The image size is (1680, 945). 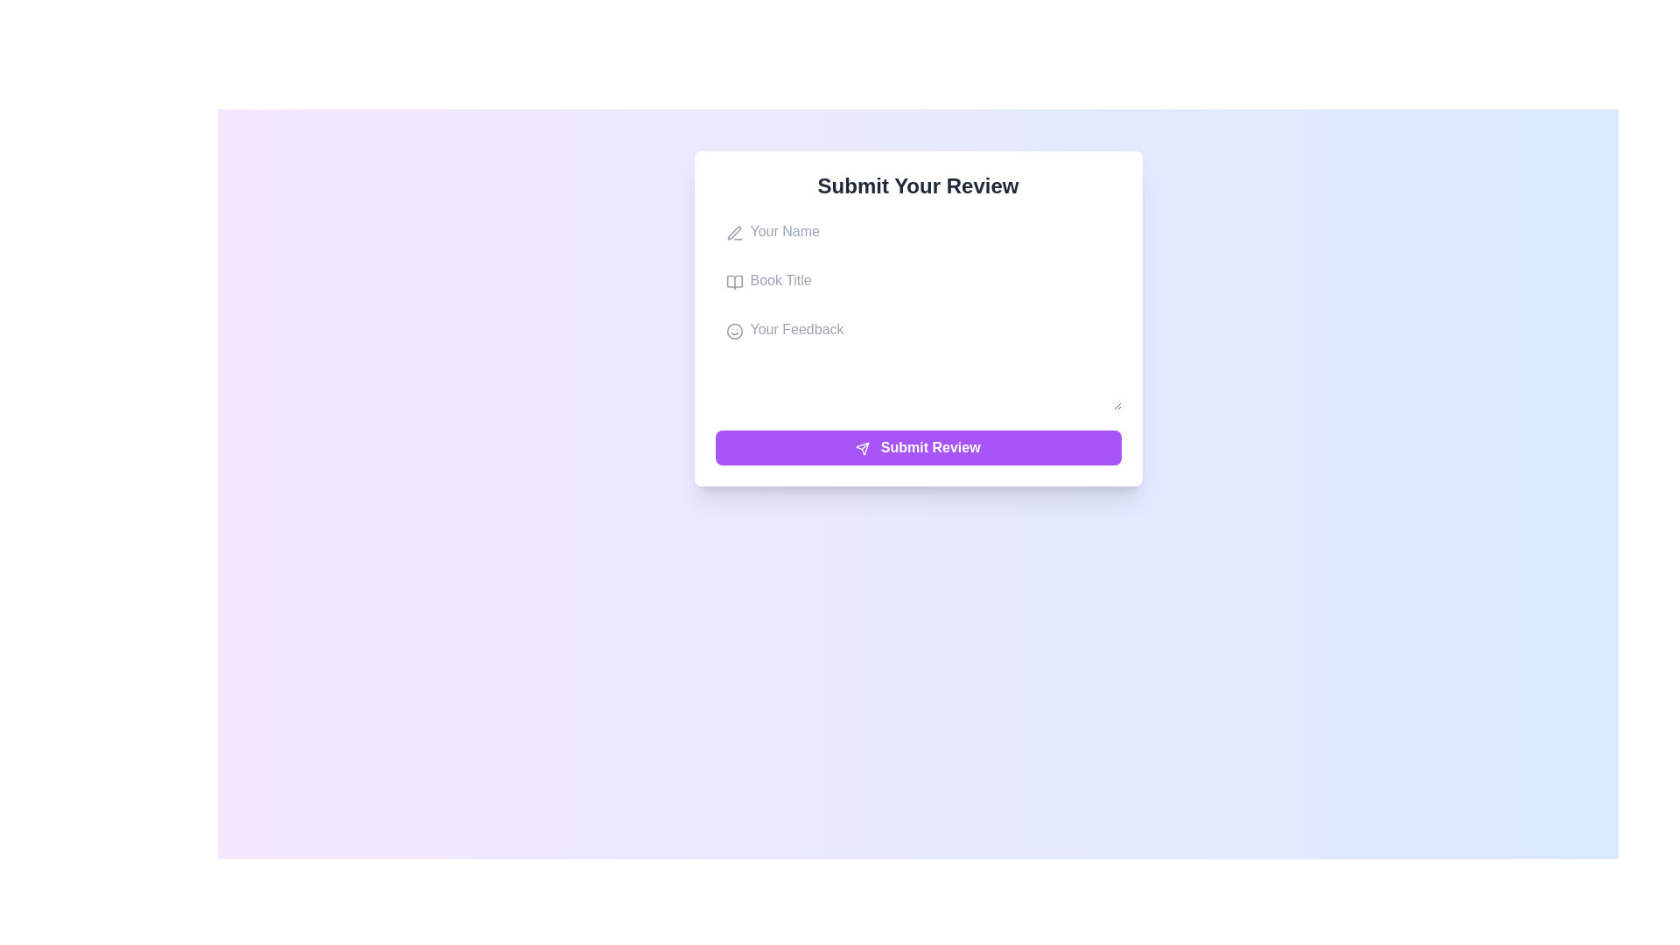 I want to click on the decorative icon located on the left side of the 'Your Feedback' text area in the feedback form, so click(x=734, y=331).